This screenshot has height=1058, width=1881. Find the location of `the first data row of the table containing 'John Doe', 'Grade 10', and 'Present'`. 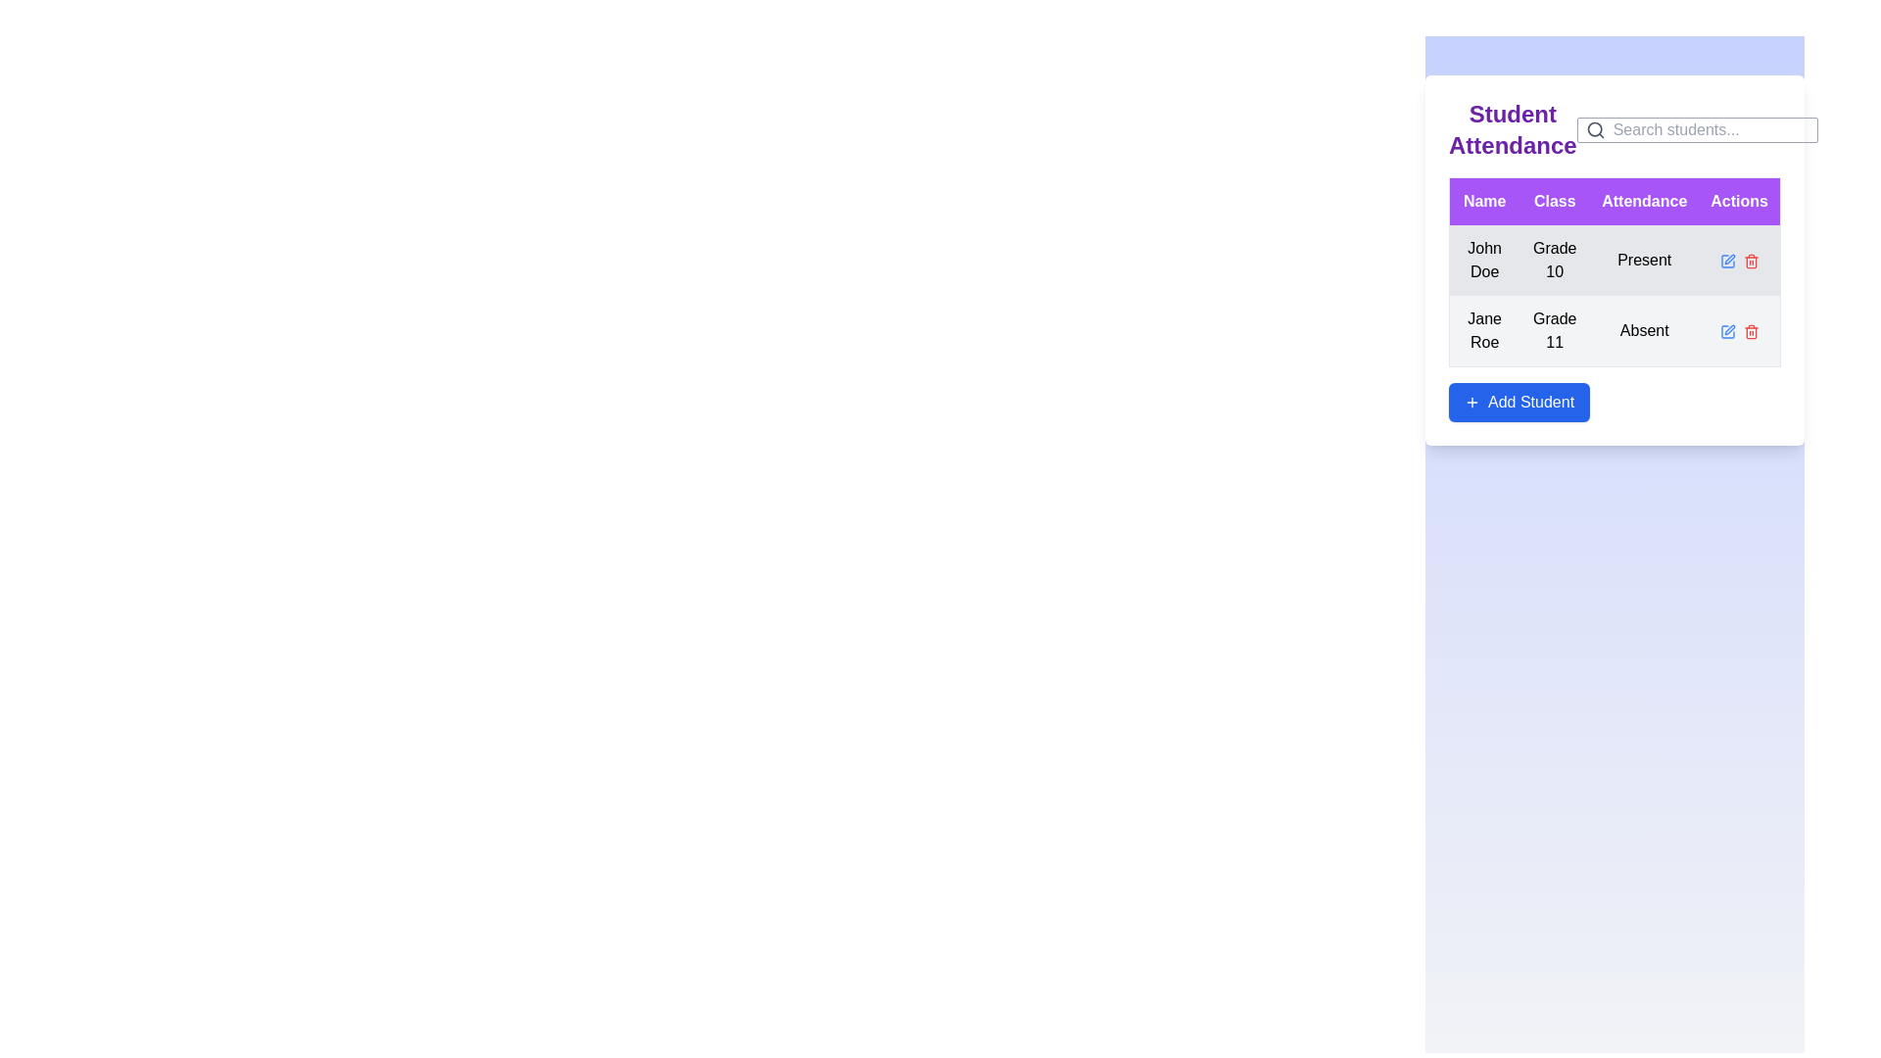

the first data row of the table containing 'John Doe', 'Grade 10', and 'Present' is located at coordinates (1615, 296).